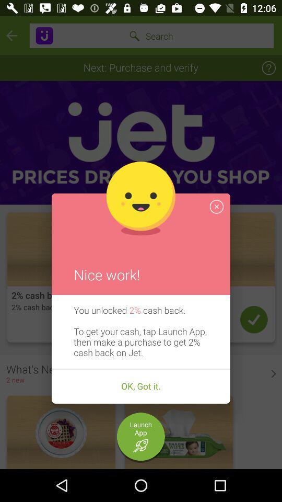  What do you see at coordinates (141, 386) in the screenshot?
I see `the ok, got it. item` at bounding box center [141, 386].